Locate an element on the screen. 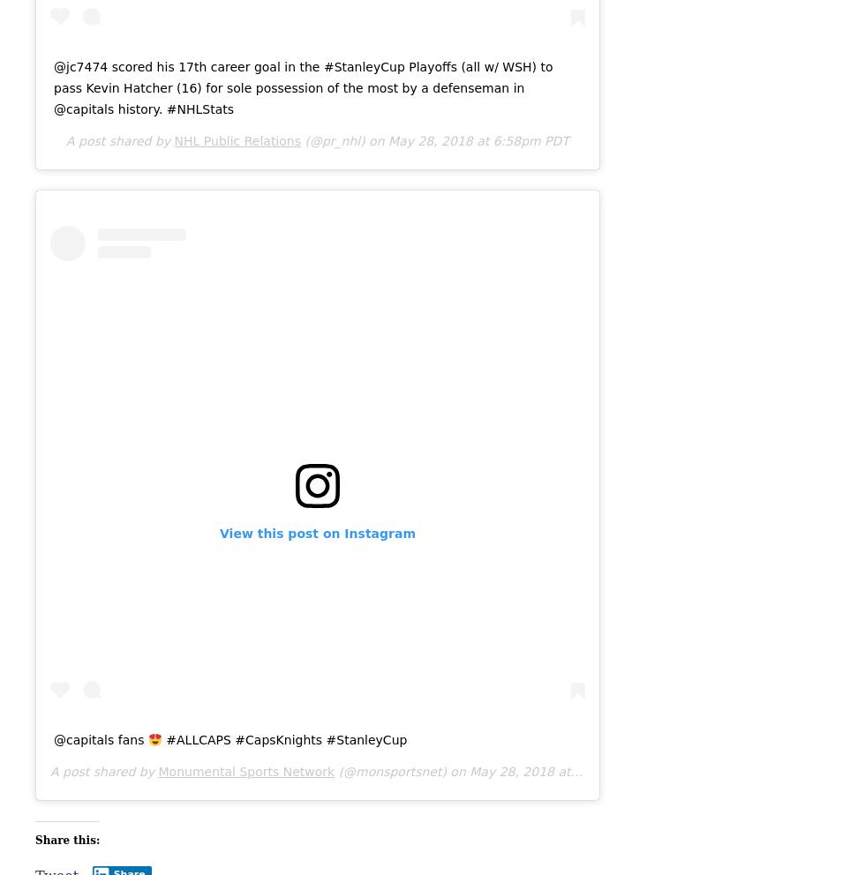 This screenshot has width=865, height=875. '@capitals fans' is located at coordinates (100, 739).